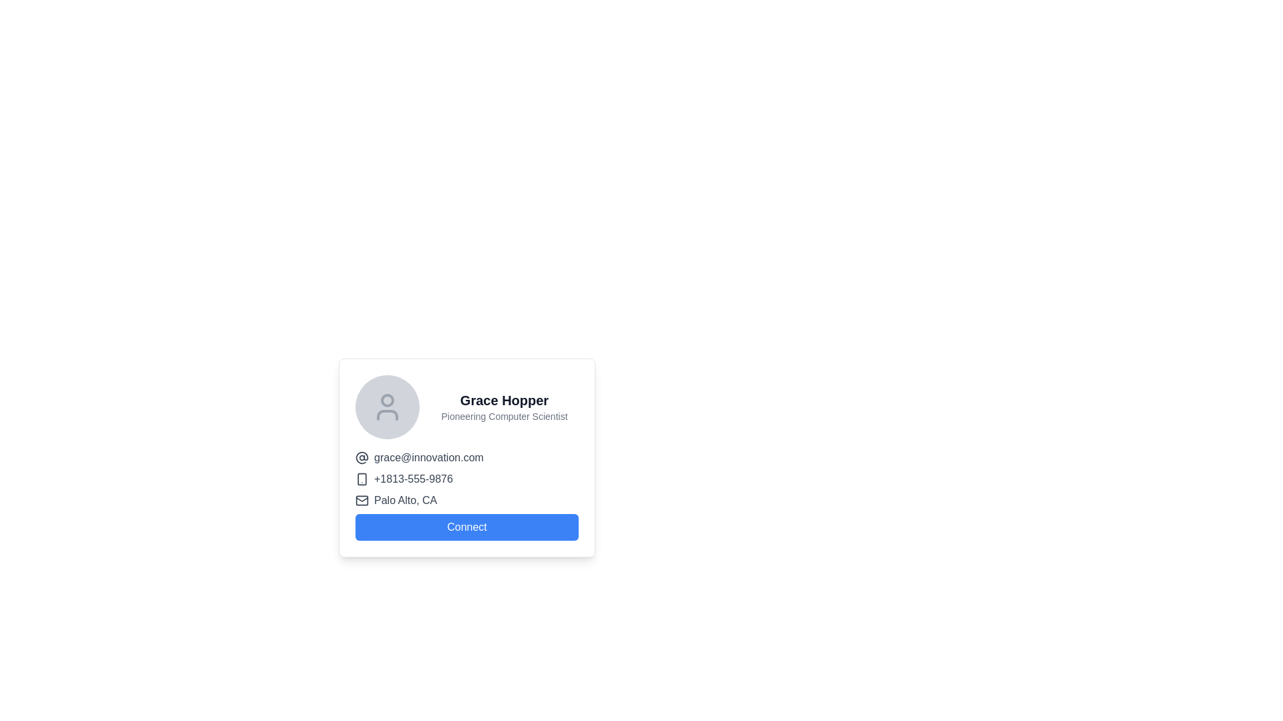 Image resolution: width=1283 pixels, height=721 pixels. What do you see at coordinates (467, 495) in the screenshot?
I see `the contact details information block located below the profile picture and name of 'Grace Hopper', and above the 'Connect' button` at bounding box center [467, 495].